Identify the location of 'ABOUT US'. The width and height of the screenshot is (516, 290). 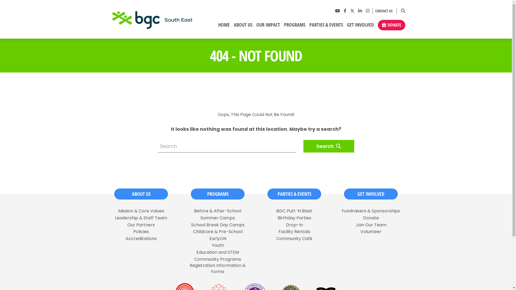
(141, 194).